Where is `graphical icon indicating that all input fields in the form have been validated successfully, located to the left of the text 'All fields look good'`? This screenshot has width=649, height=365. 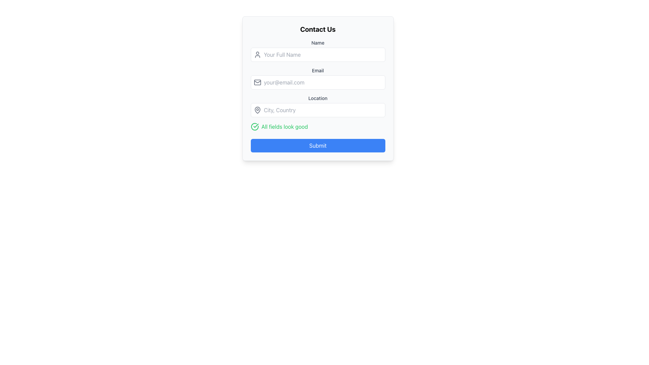
graphical icon indicating that all input fields in the form have been validated successfully, located to the left of the text 'All fields look good' is located at coordinates (256, 125).